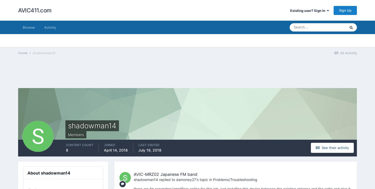 Image resolution: width=375 pixels, height=189 pixels. What do you see at coordinates (23, 52) in the screenshot?
I see `'Home'` at bounding box center [23, 52].